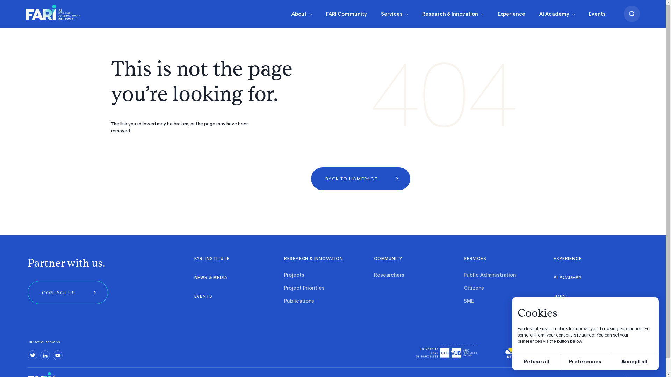 Image resolution: width=671 pixels, height=377 pixels. Describe the element at coordinates (536, 361) in the screenshot. I see `'Refuse all'` at that location.